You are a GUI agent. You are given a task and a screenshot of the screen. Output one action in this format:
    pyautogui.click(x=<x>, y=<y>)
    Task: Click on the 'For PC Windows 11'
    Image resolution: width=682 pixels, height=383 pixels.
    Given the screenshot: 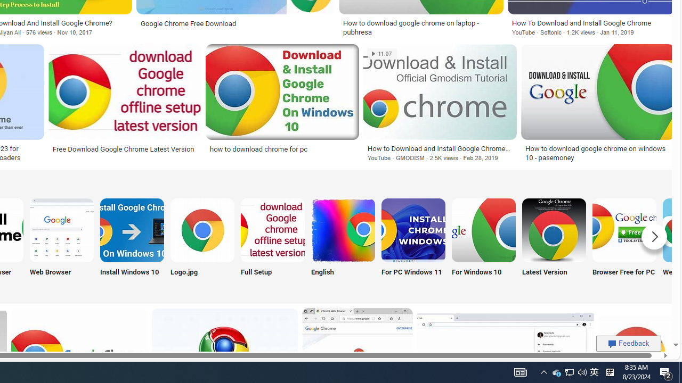 What is the action you would take?
    pyautogui.click(x=412, y=243)
    